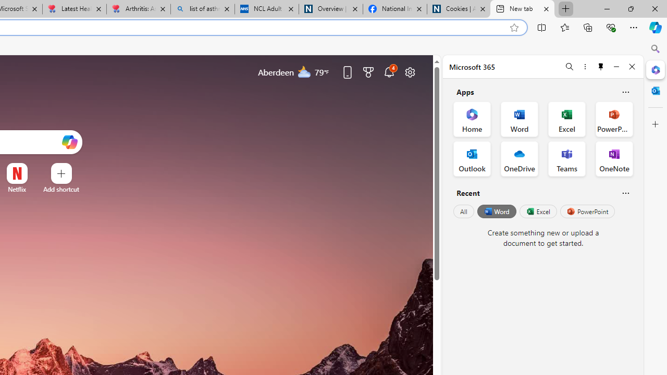 The width and height of the screenshot is (667, 375). What do you see at coordinates (60, 189) in the screenshot?
I see `'Add a site'` at bounding box center [60, 189].